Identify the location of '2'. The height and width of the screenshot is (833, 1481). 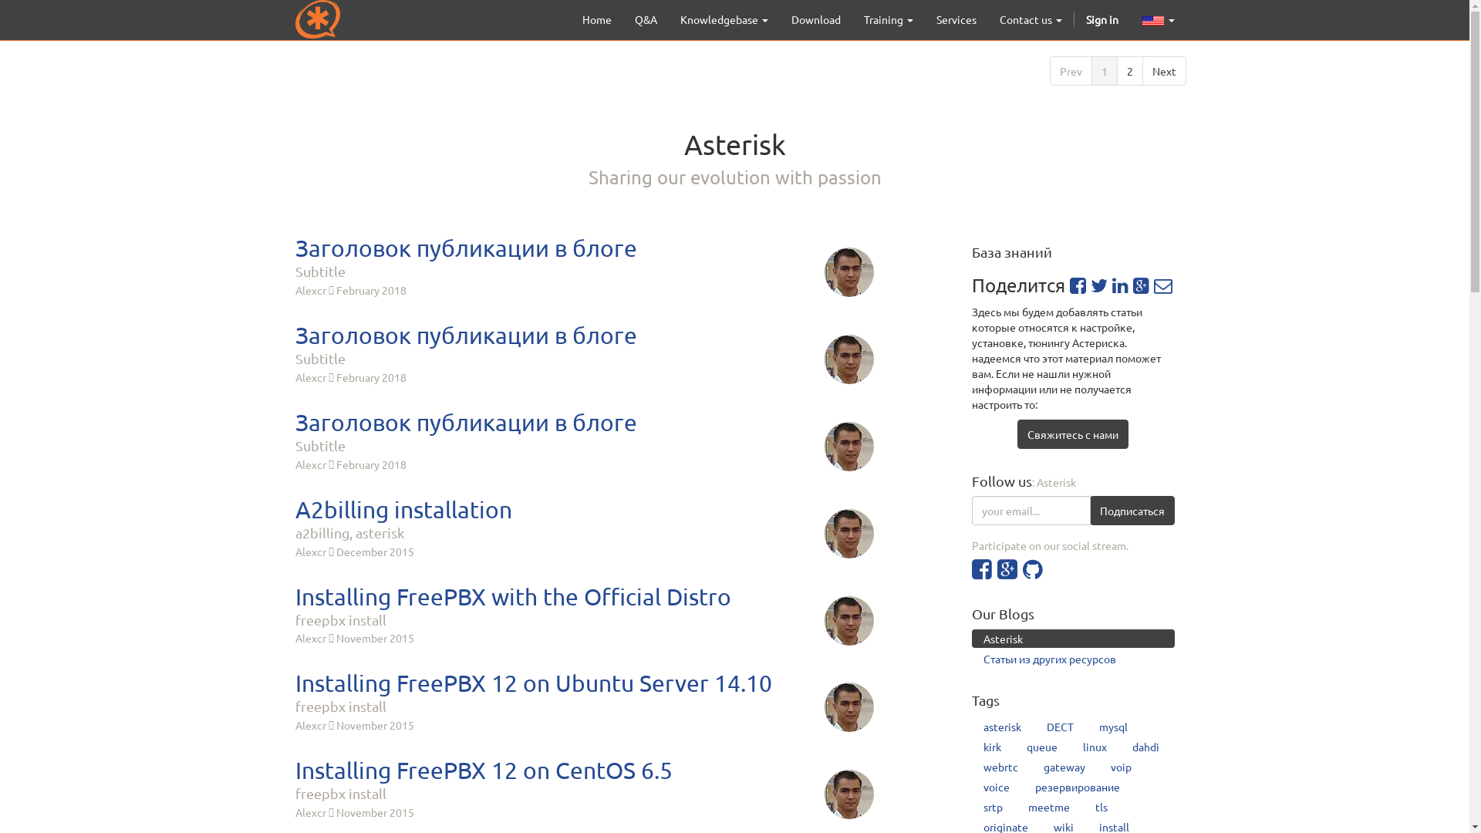
(1129, 71).